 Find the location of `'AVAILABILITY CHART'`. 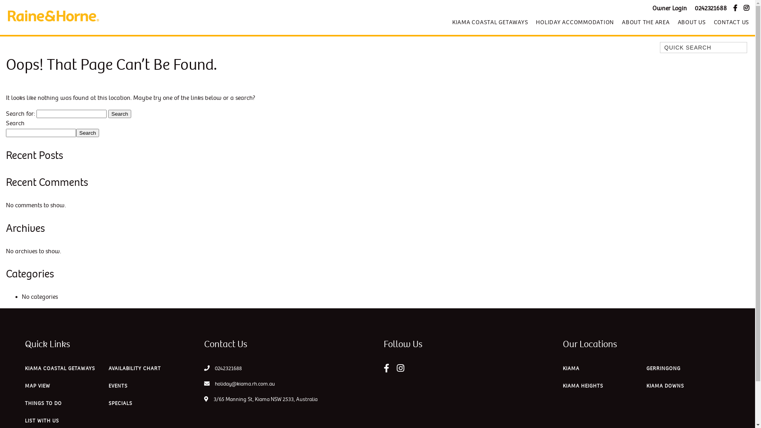

'AVAILABILITY CHART' is located at coordinates (135, 370).